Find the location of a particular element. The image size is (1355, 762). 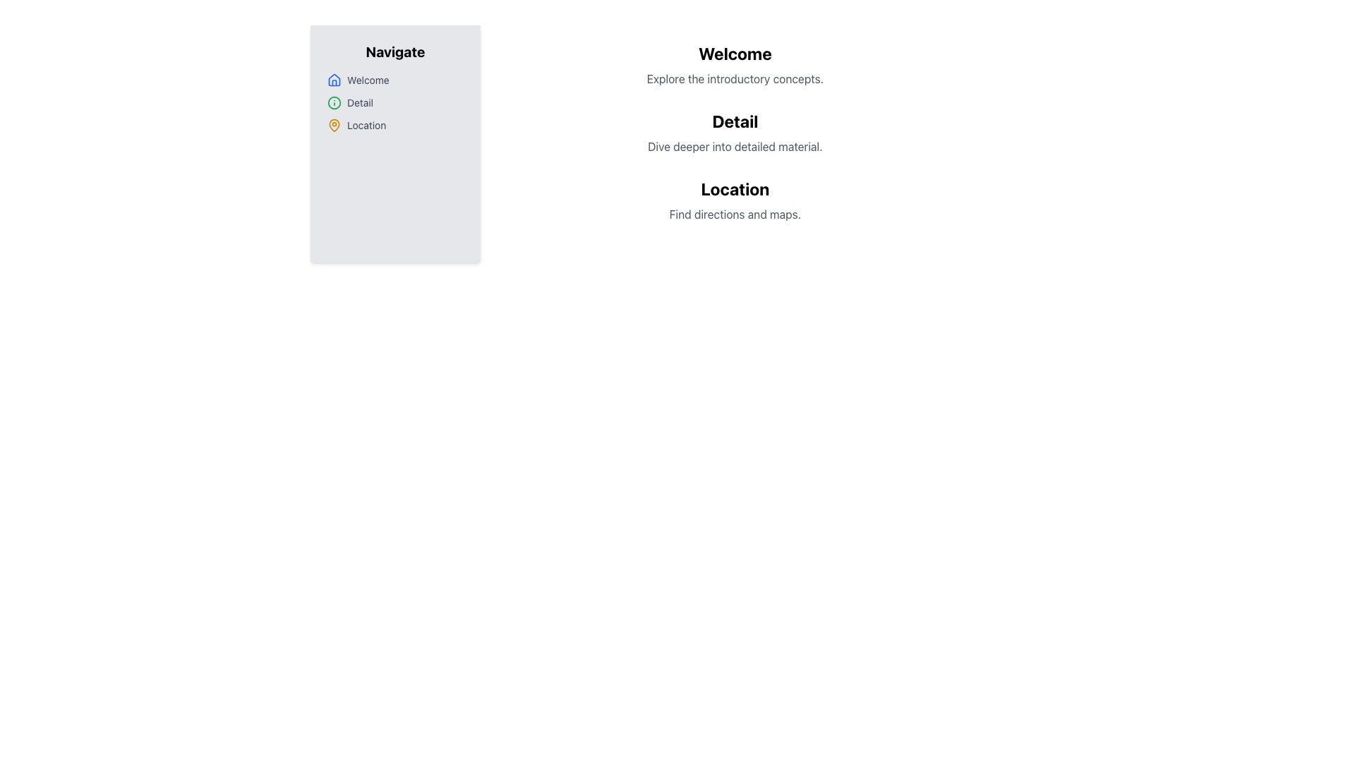

the navigational text label located in the sidebar, positioned between the 'Welcome' and 'Location' labels, to activate the underline effect is located at coordinates (360, 102).